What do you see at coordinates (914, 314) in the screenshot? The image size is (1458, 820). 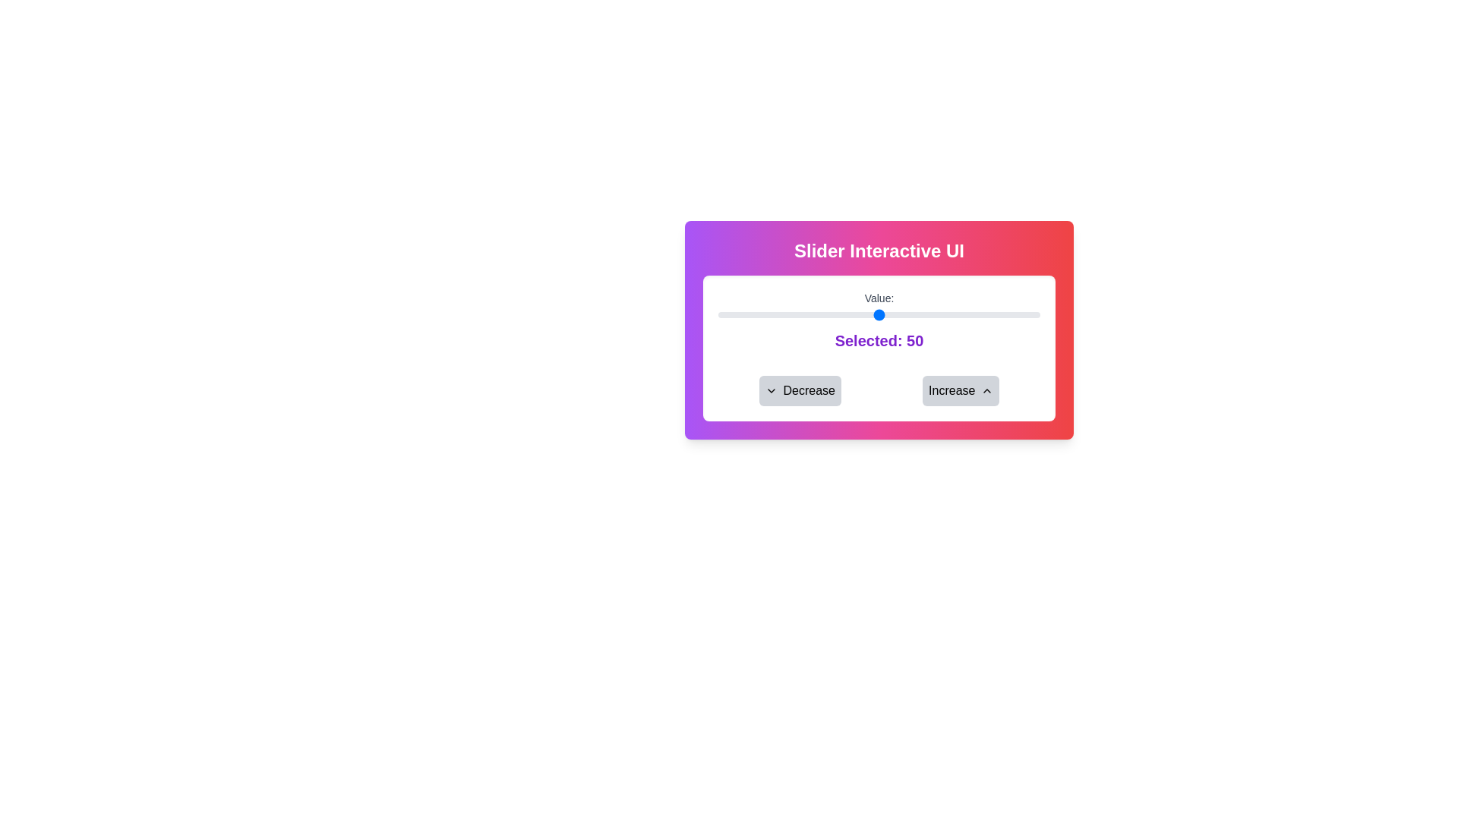 I see `the slider value` at bounding box center [914, 314].